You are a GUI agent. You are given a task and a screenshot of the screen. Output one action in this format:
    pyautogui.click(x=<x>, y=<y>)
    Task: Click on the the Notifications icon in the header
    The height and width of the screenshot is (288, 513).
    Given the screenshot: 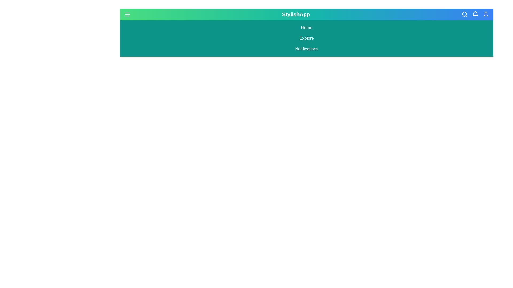 What is the action you would take?
    pyautogui.click(x=475, y=14)
    